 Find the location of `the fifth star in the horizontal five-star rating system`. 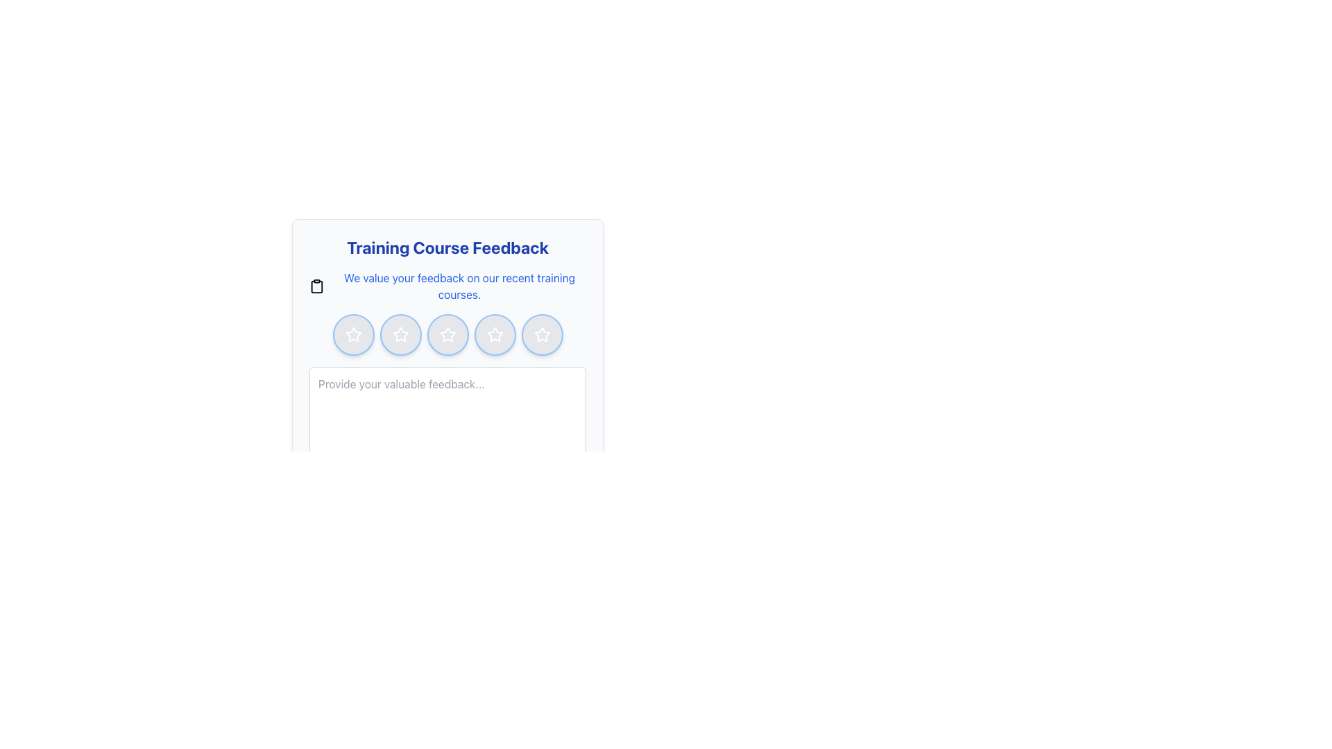

the fifth star in the horizontal five-star rating system is located at coordinates (541, 334).